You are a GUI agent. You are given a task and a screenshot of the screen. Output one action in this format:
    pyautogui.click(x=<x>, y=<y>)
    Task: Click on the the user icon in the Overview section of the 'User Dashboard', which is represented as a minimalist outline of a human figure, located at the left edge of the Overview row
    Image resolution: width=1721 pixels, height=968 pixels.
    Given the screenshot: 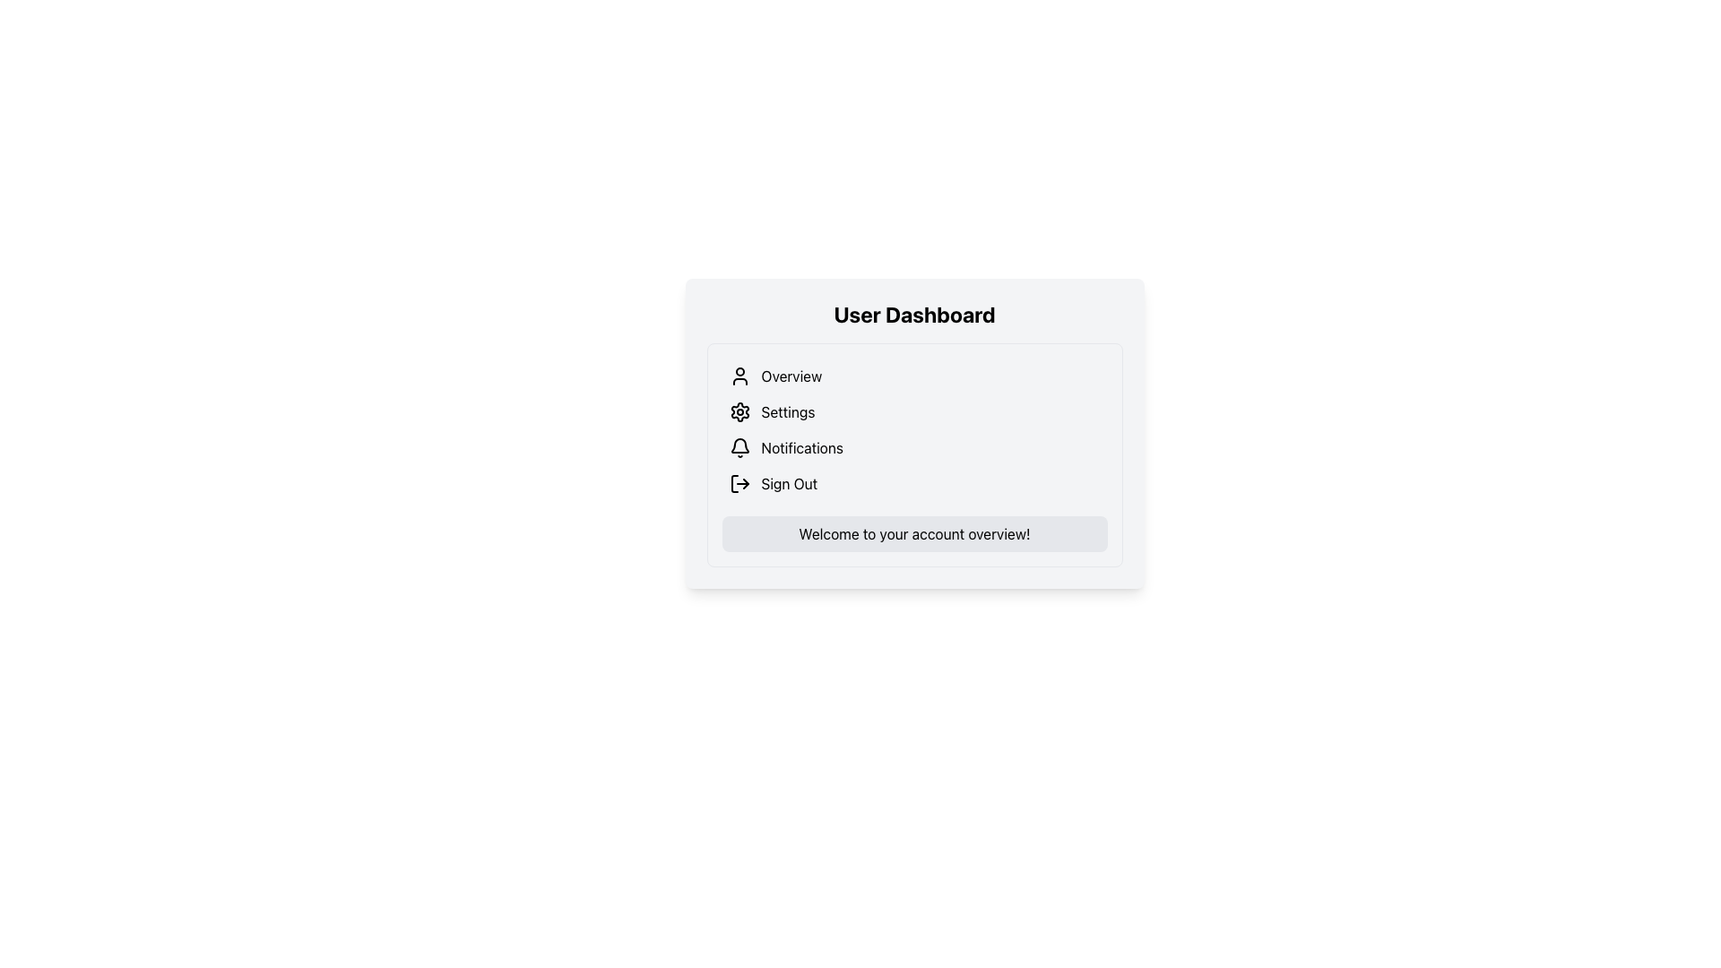 What is the action you would take?
    pyautogui.click(x=739, y=376)
    